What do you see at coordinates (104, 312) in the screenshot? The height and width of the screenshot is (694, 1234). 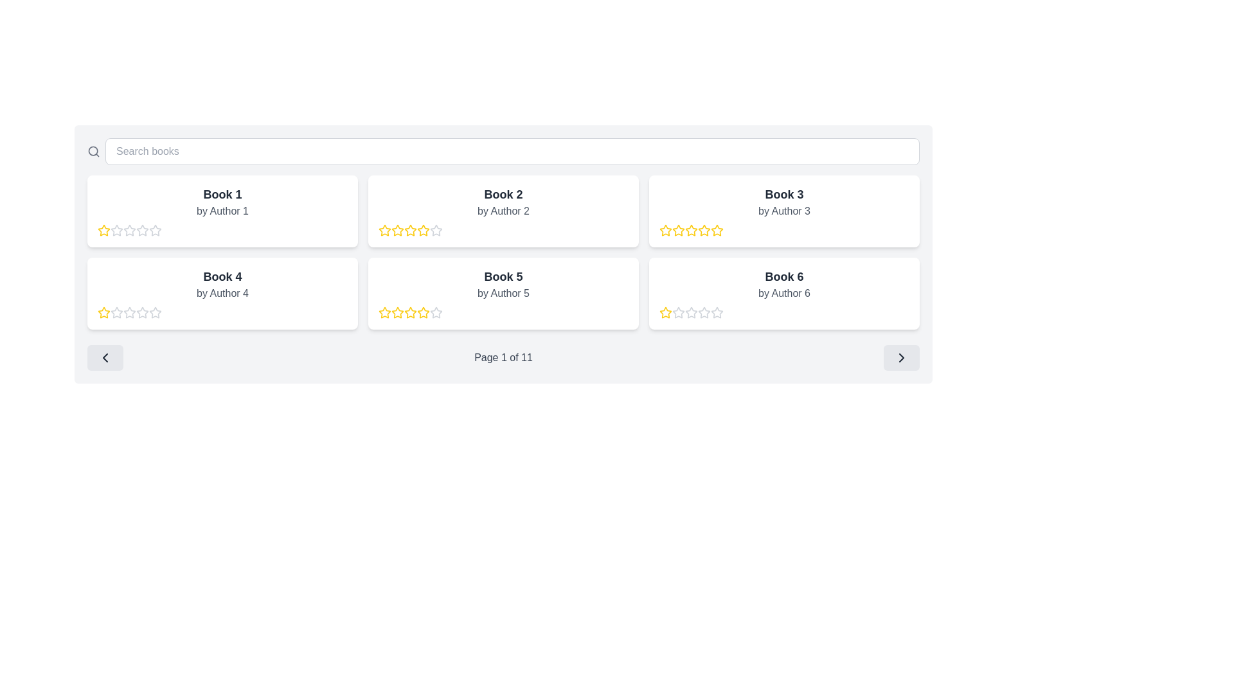 I see `the first star button to give a one-star rating for 'Book 4' by 'Author 4'` at bounding box center [104, 312].